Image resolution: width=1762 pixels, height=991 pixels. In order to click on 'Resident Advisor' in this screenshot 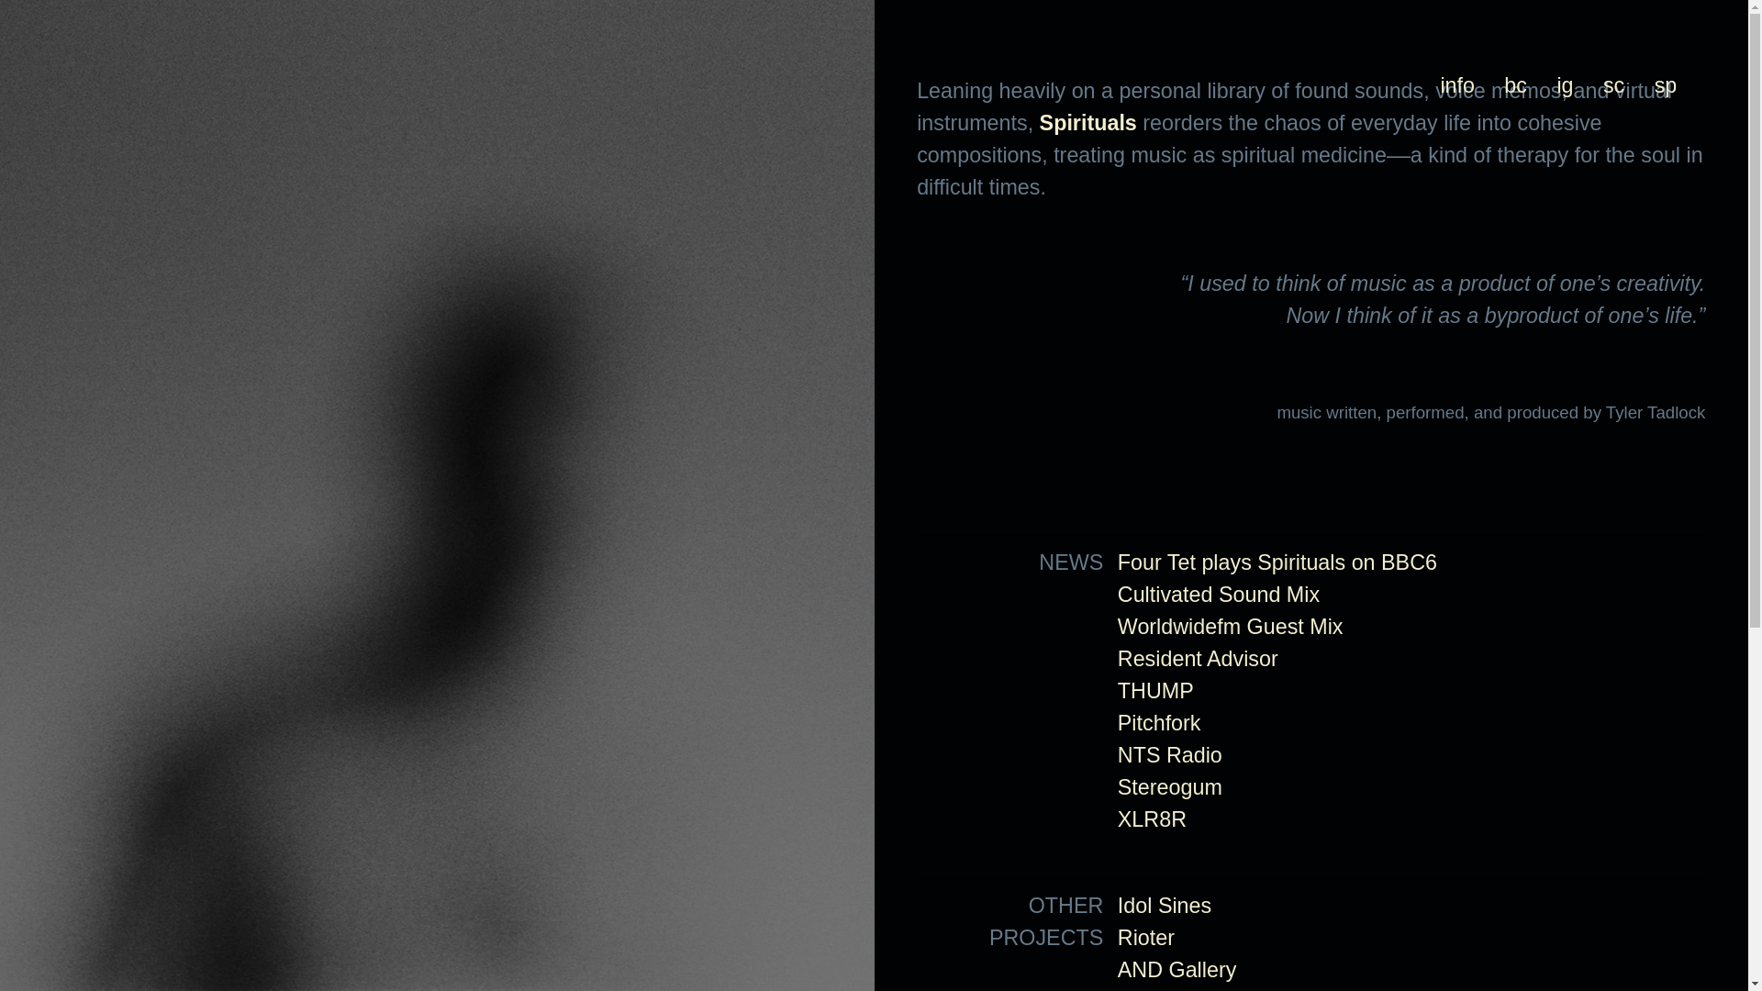, I will do `click(1198, 658)`.